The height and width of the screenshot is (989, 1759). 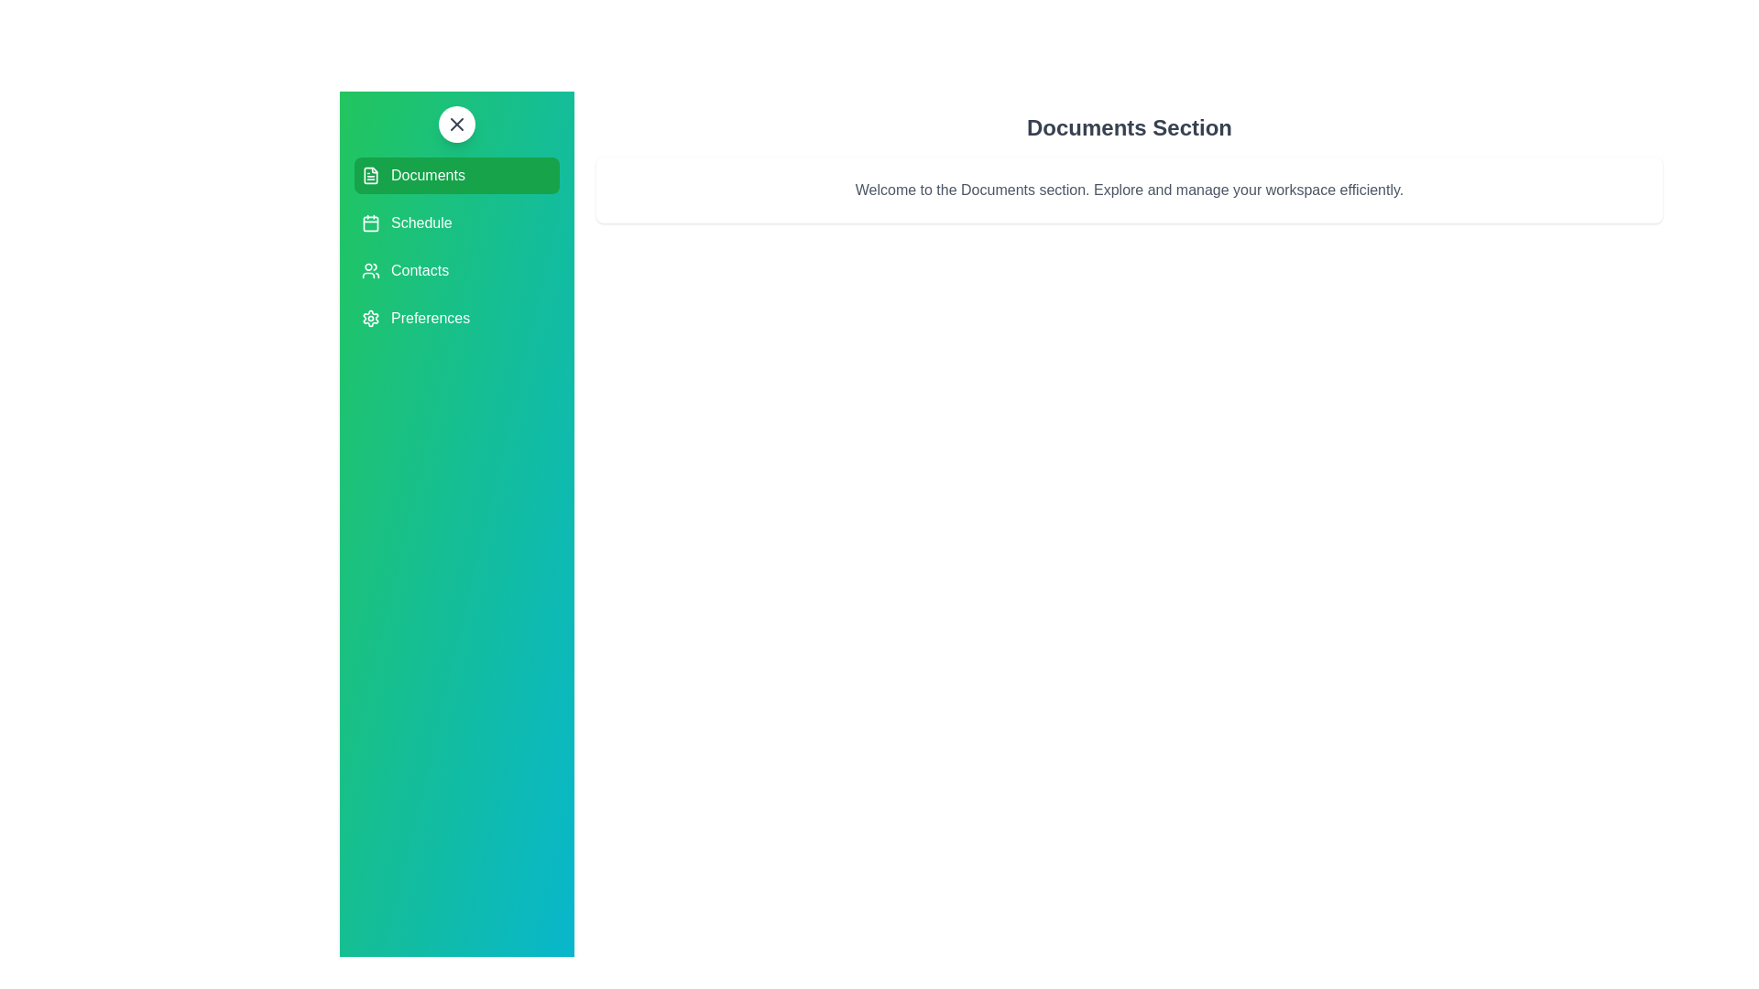 What do you see at coordinates (1129, 126) in the screenshot?
I see `the section title 'Documents Section' to interact with it` at bounding box center [1129, 126].